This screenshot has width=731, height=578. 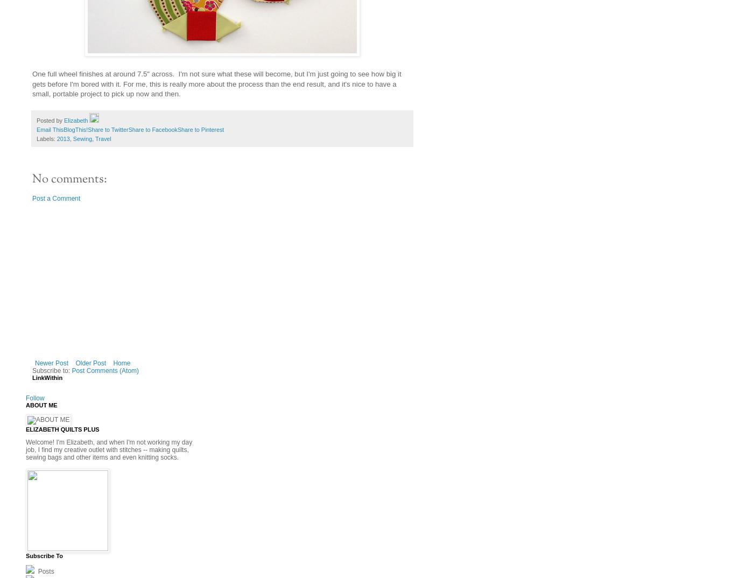 I want to click on 'Posted by', so click(x=50, y=119).